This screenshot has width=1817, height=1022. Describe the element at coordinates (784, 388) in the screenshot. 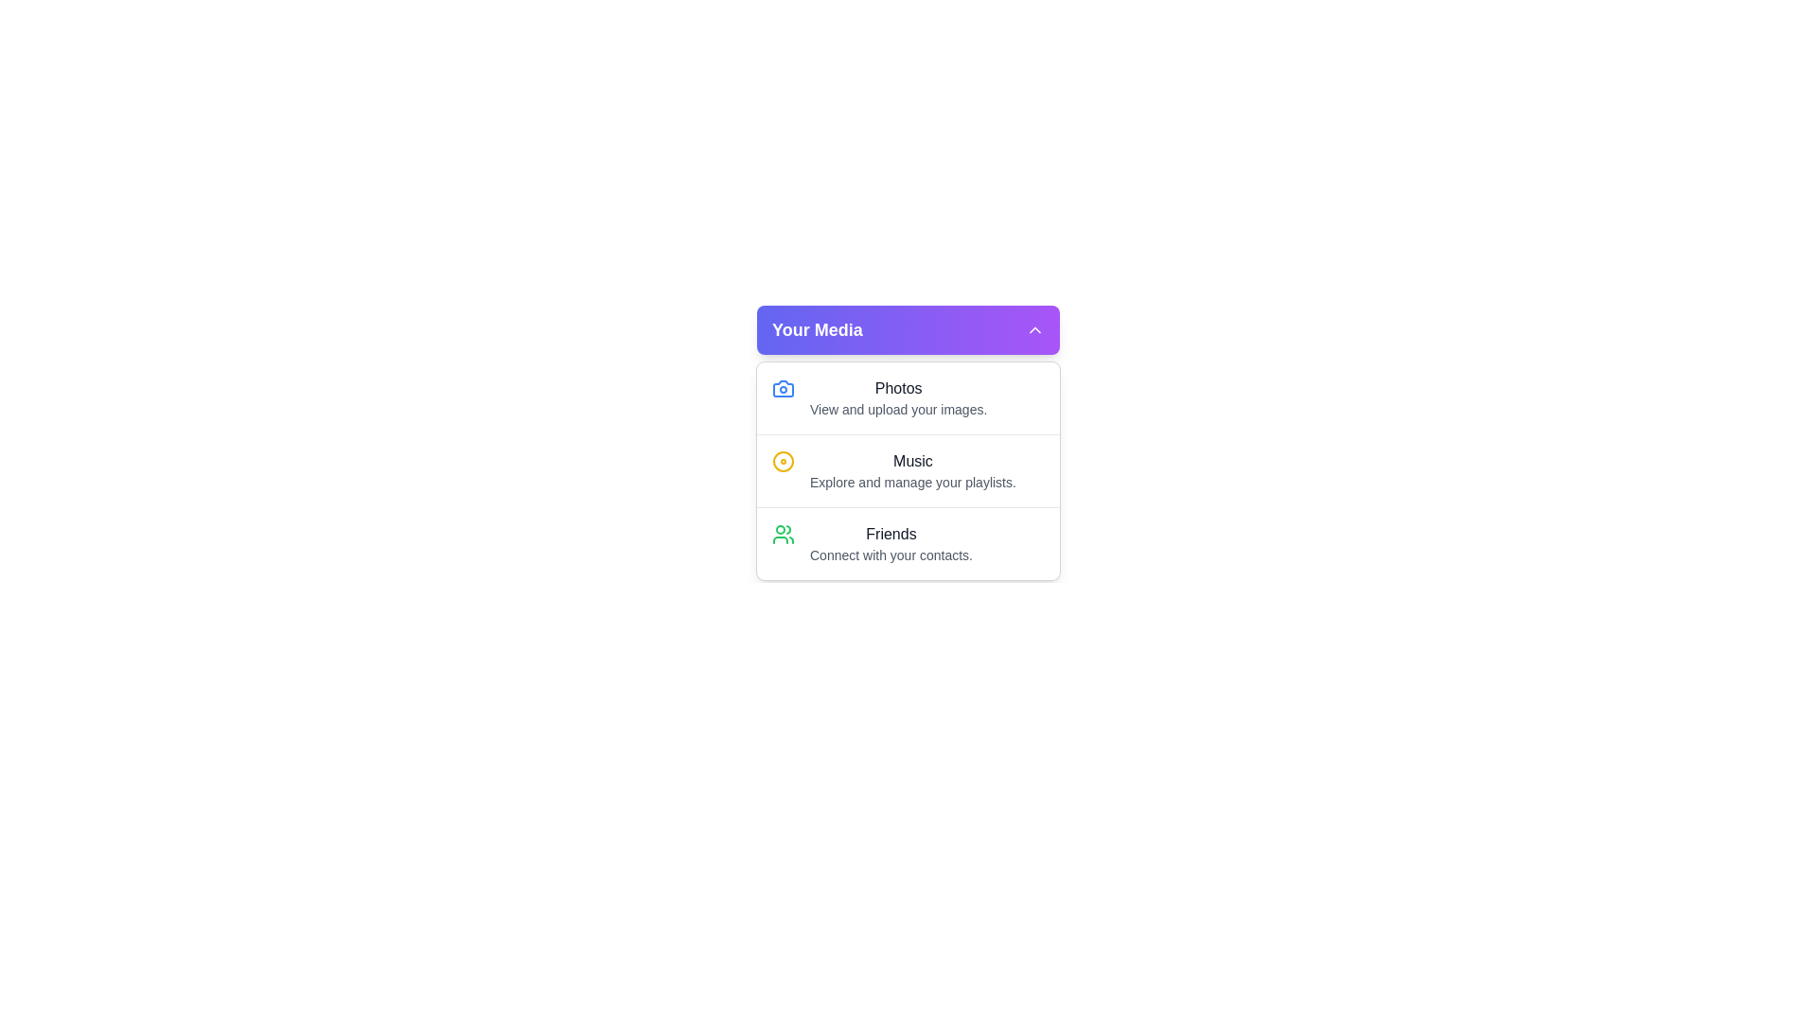

I see `the stylized blue camera icon located in the first section of the 'Your Media' list, adjacent to the 'Photos' label` at that location.